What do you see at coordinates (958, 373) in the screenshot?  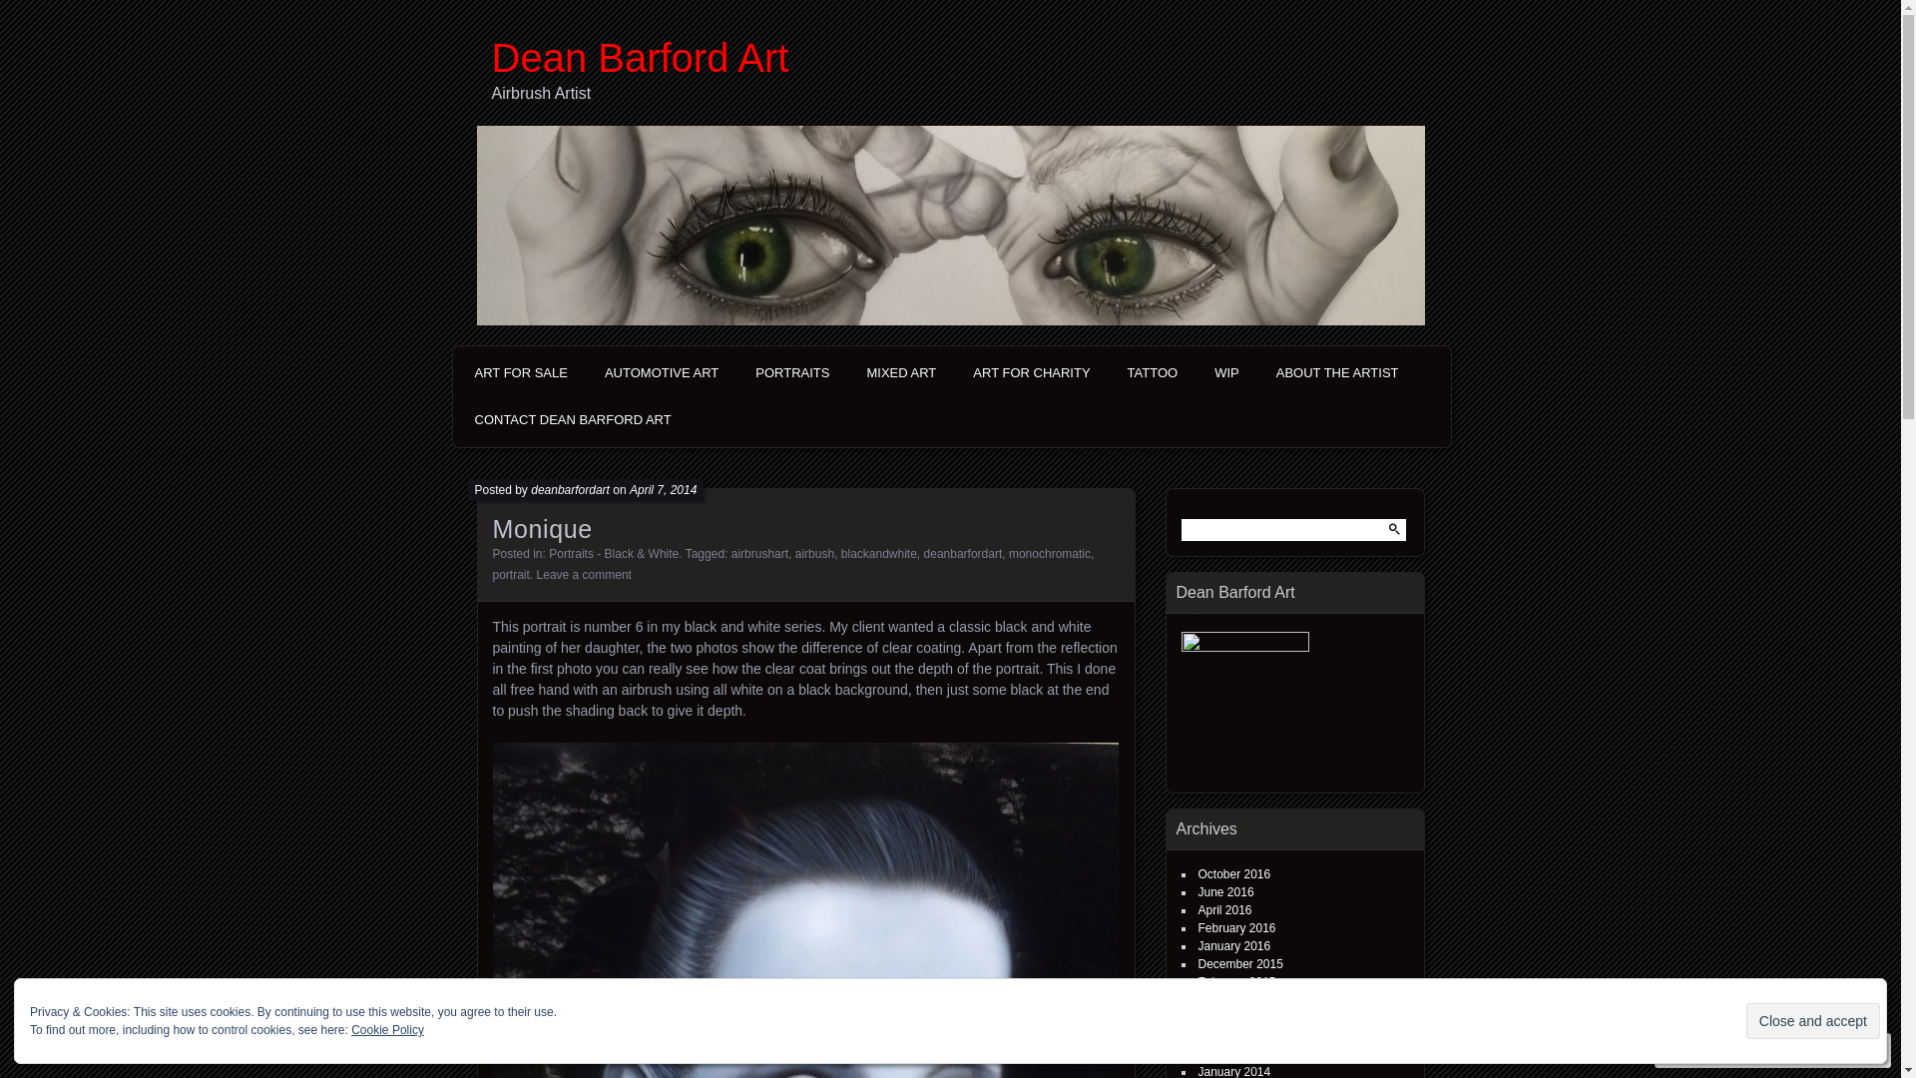 I see `'ART FOR CHARITY'` at bounding box center [958, 373].